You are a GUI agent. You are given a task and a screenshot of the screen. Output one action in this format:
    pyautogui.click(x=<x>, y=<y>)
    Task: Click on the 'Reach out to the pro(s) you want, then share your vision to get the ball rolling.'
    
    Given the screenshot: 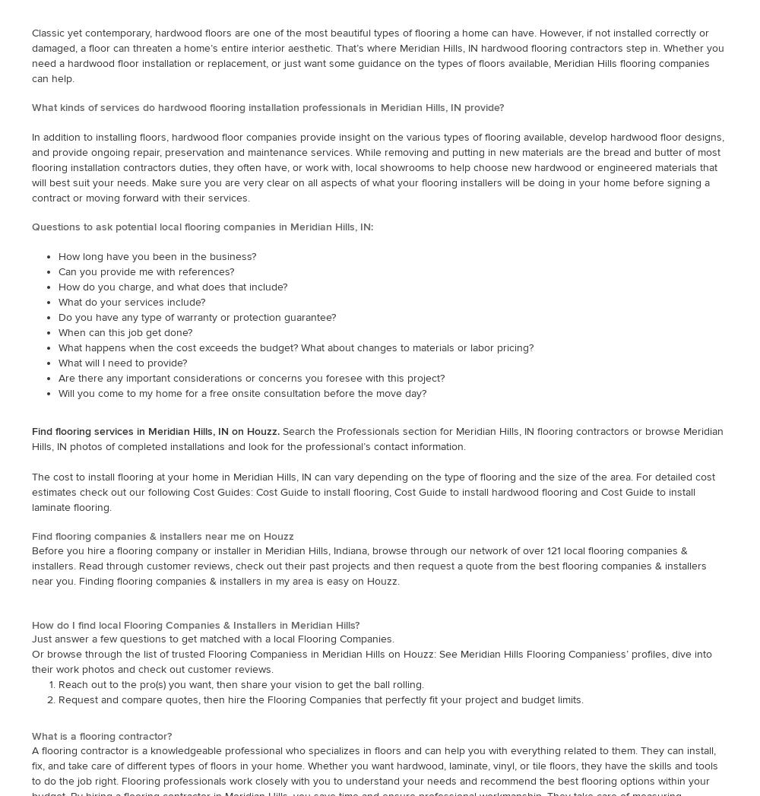 What is the action you would take?
    pyautogui.click(x=240, y=683)
    